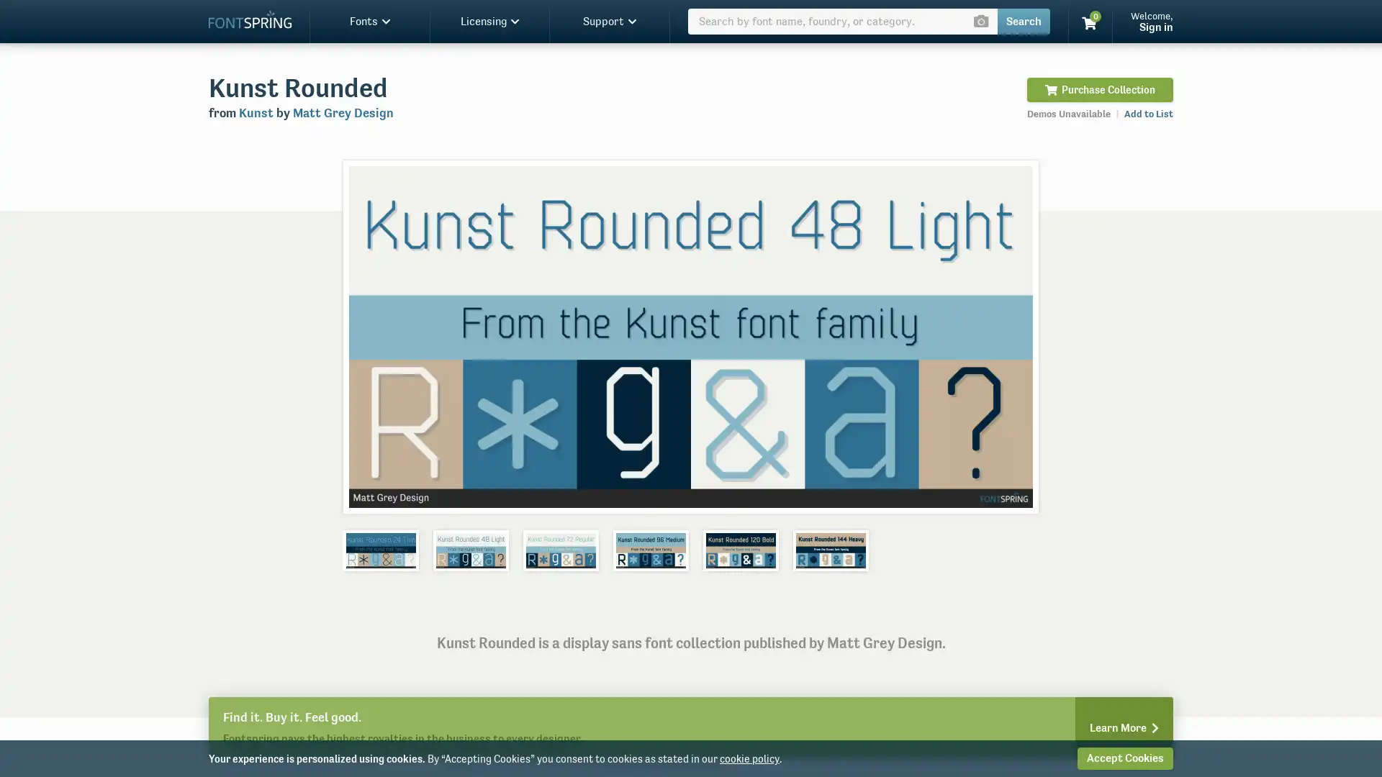 The image size is (1382, 777). What do you see at coordinates (1148, 113) in the screenshot?
I see `Add to List` at bounding box center [1148, 113].